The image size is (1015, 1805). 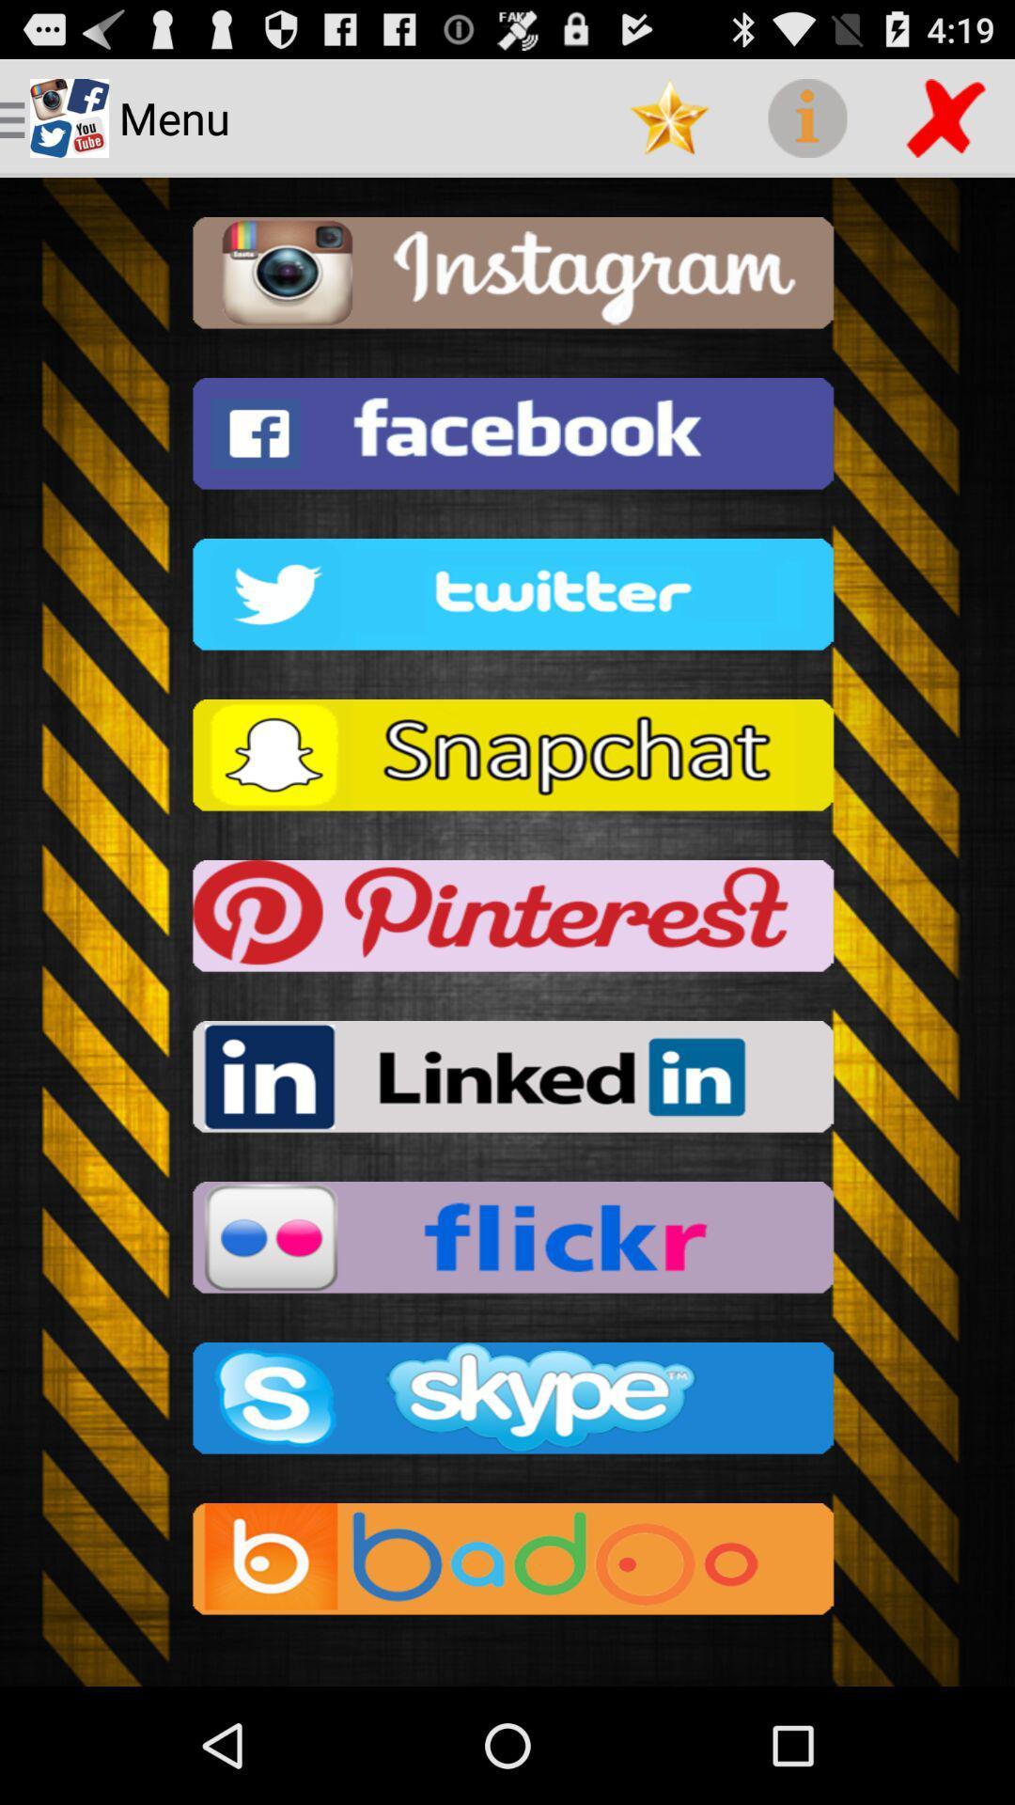 What do you see at coordinates (507, 438) in the screenshot?
I see `facebook` at bounding box center [507, 438].